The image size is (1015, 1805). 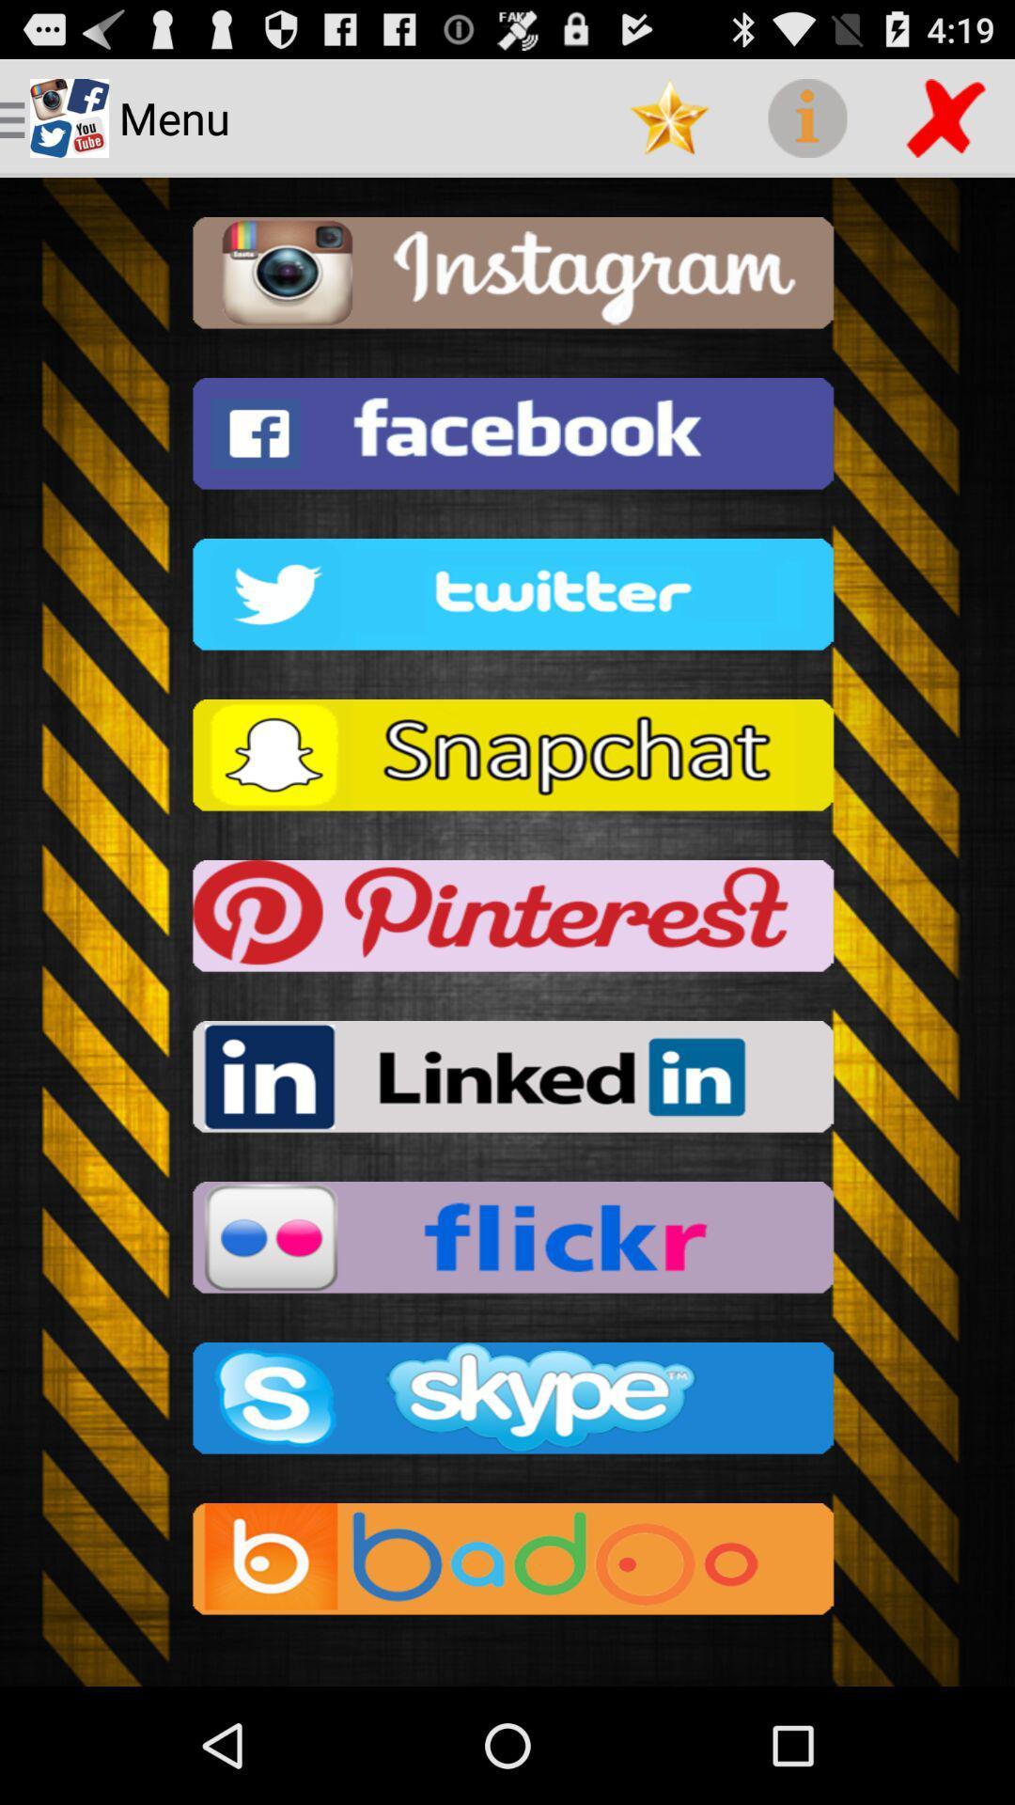 What do you see at coordinates (507, 438) in the screenshot?
I see `facebook` at bounding box center [507, 438].